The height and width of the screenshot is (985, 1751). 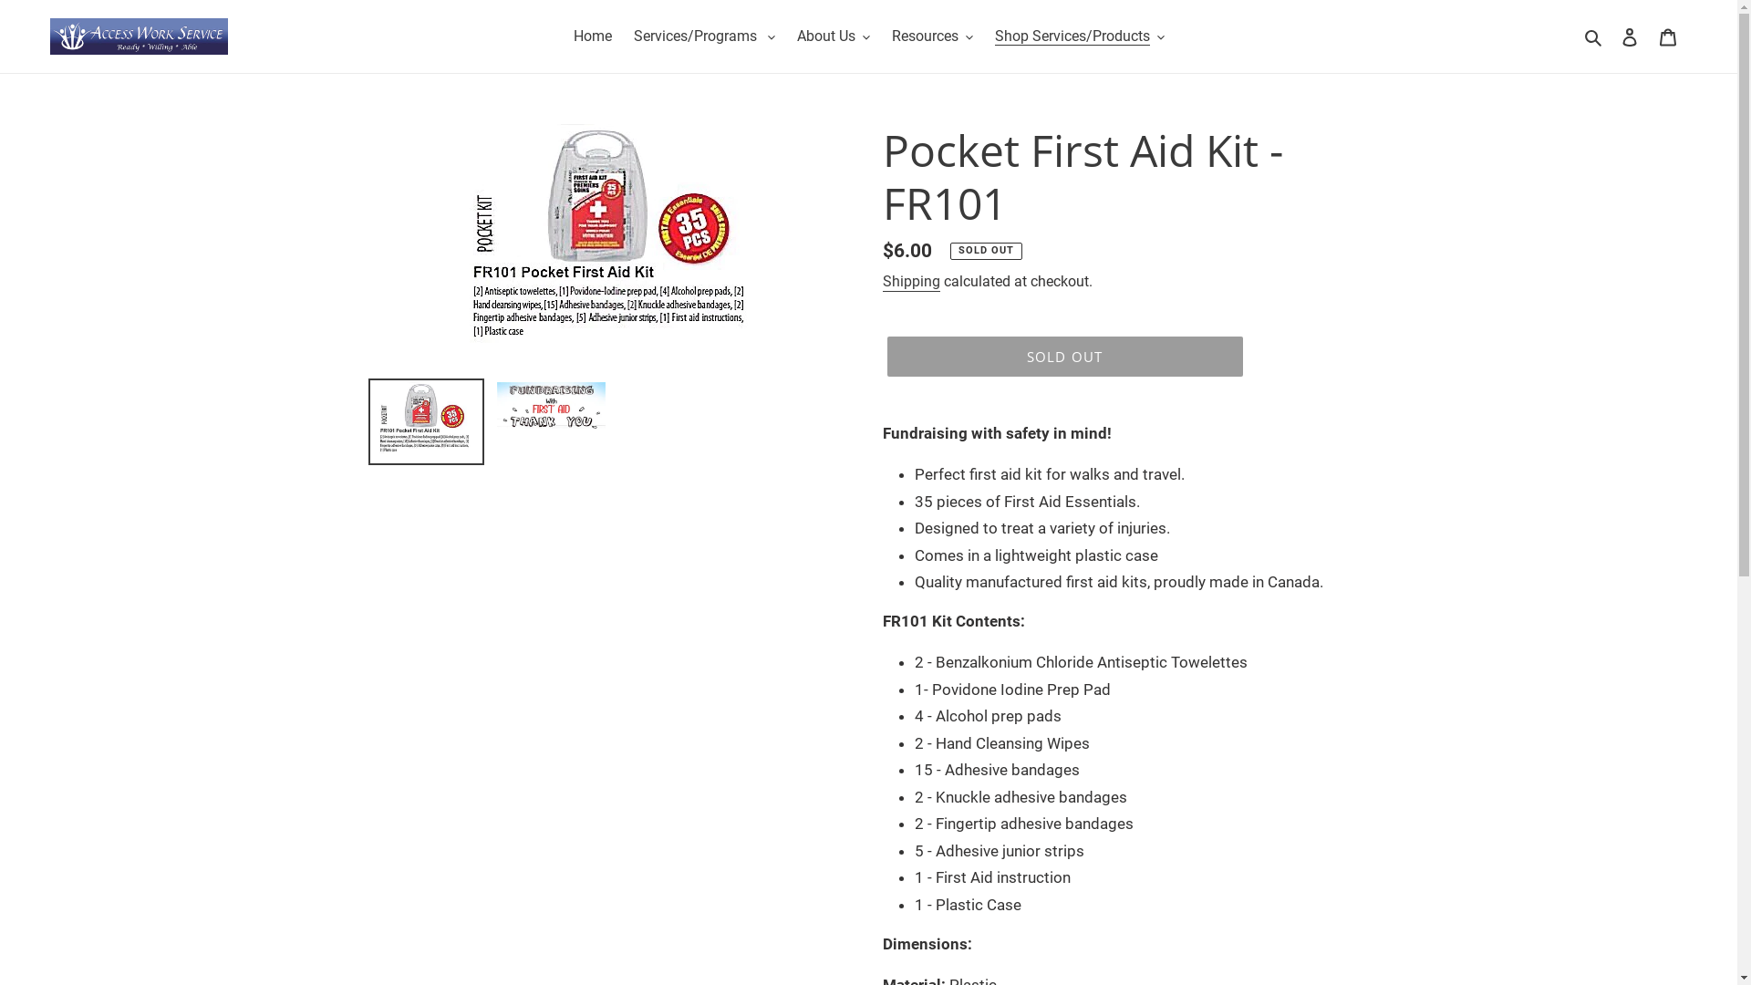 I want to click on 'Services/Programs', so click(x=624, y=36).